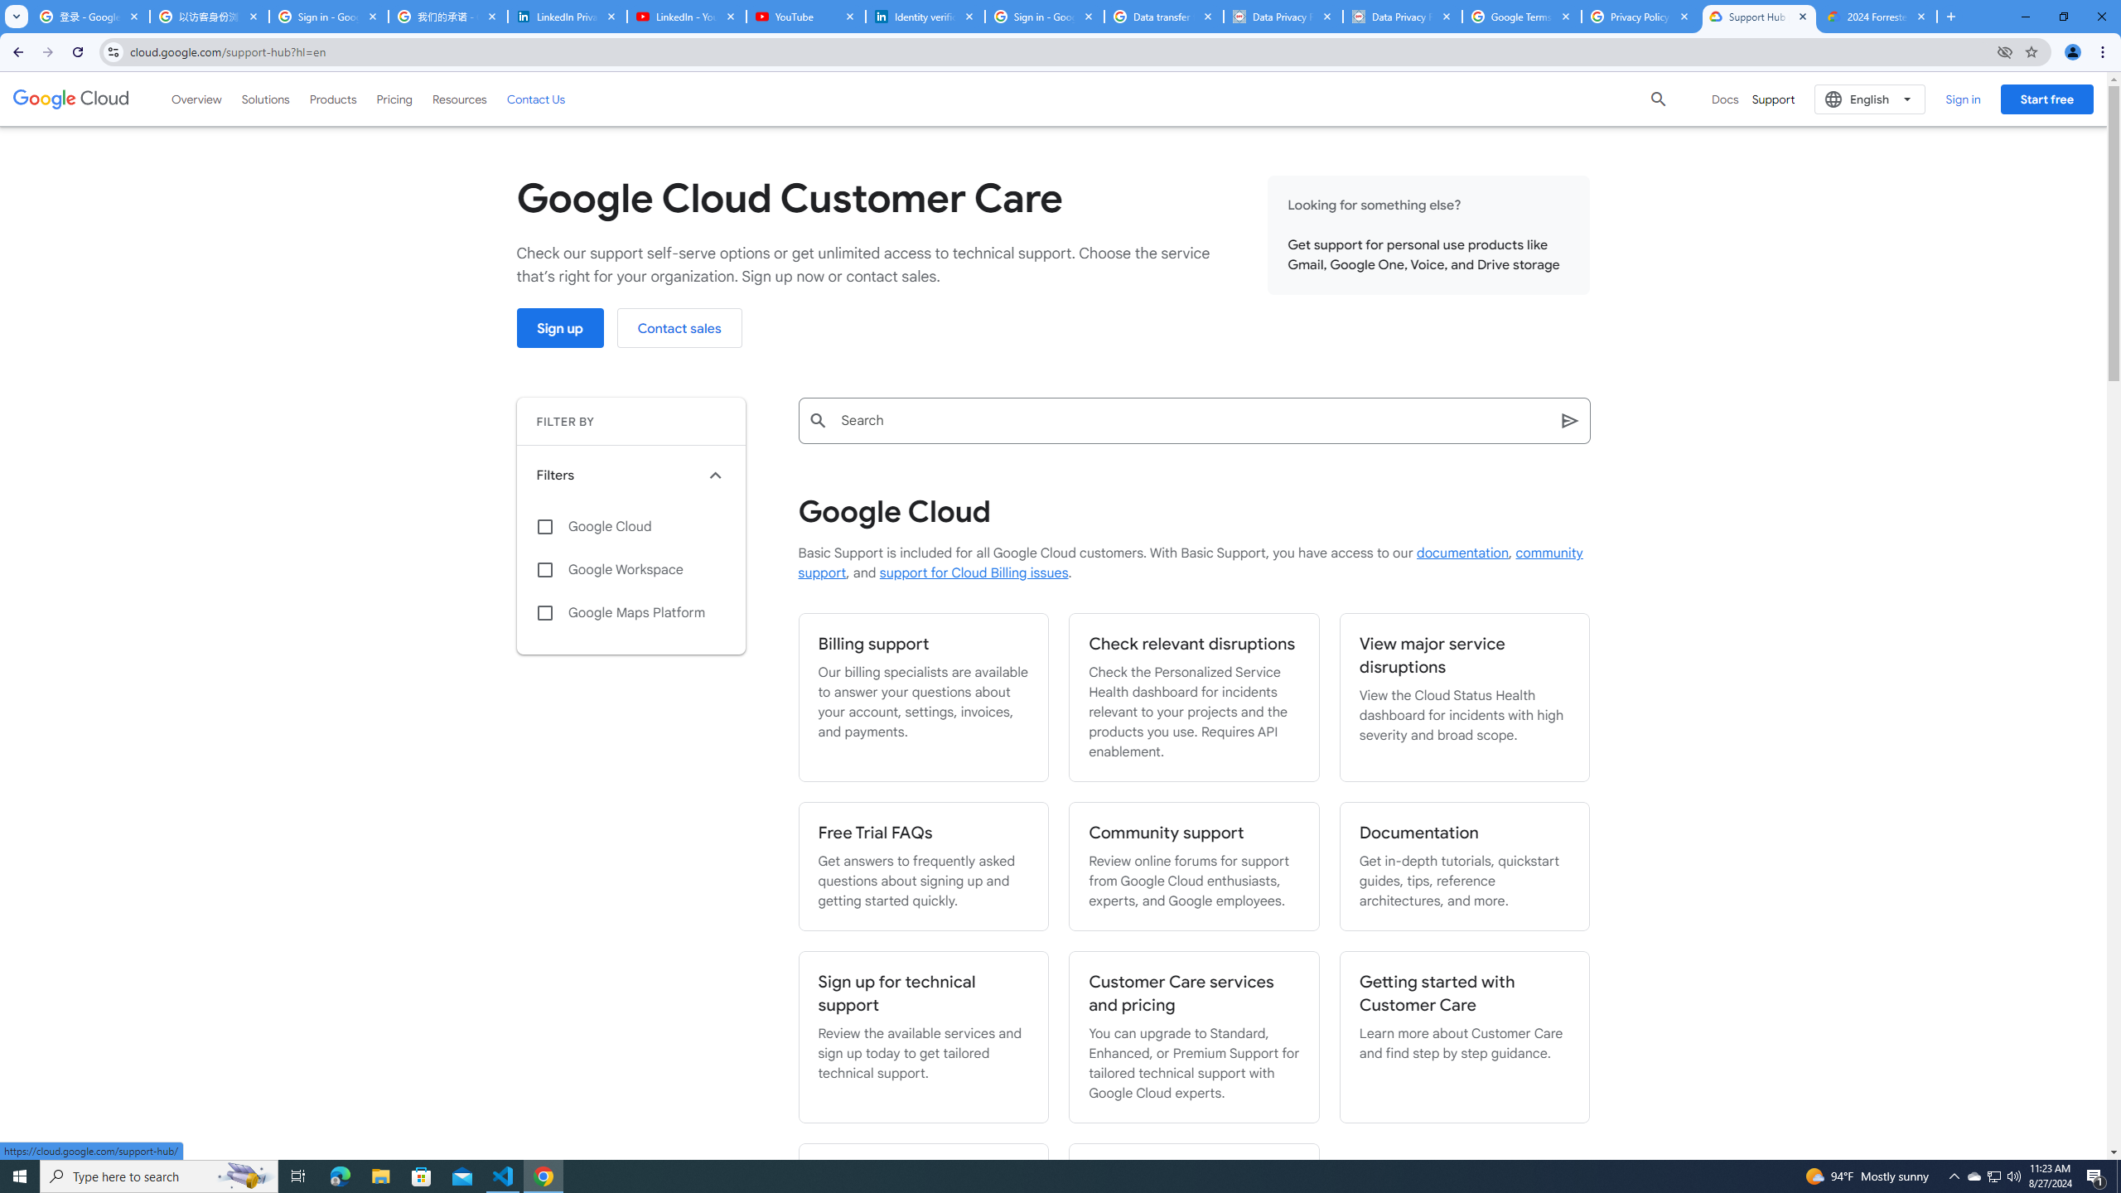 The height and width of the screenshot is (1193, 2121). I want to click on 'System', so click(9, 7).